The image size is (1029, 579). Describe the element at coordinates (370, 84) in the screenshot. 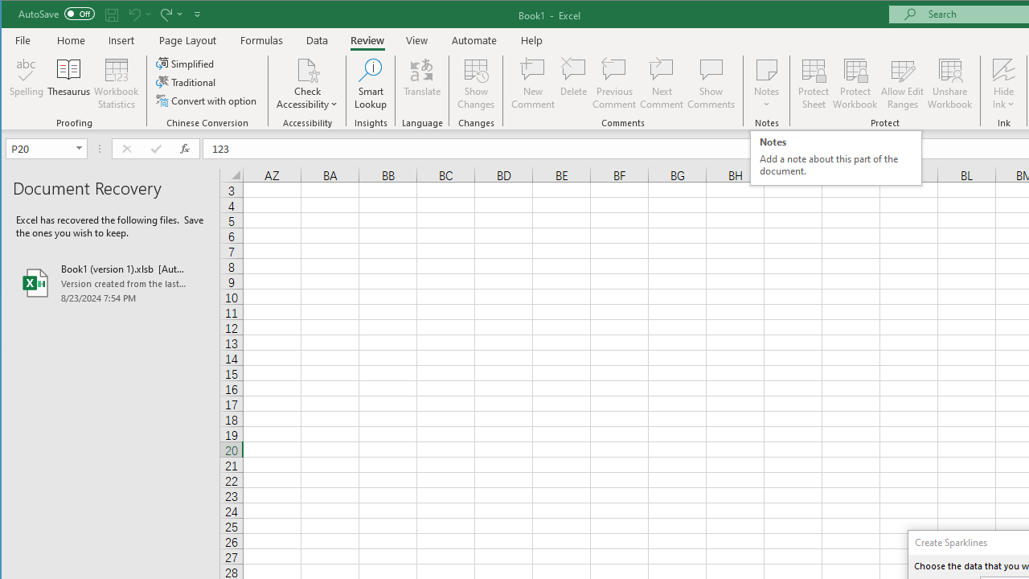

I see `'Smart Lookup'` at that location.